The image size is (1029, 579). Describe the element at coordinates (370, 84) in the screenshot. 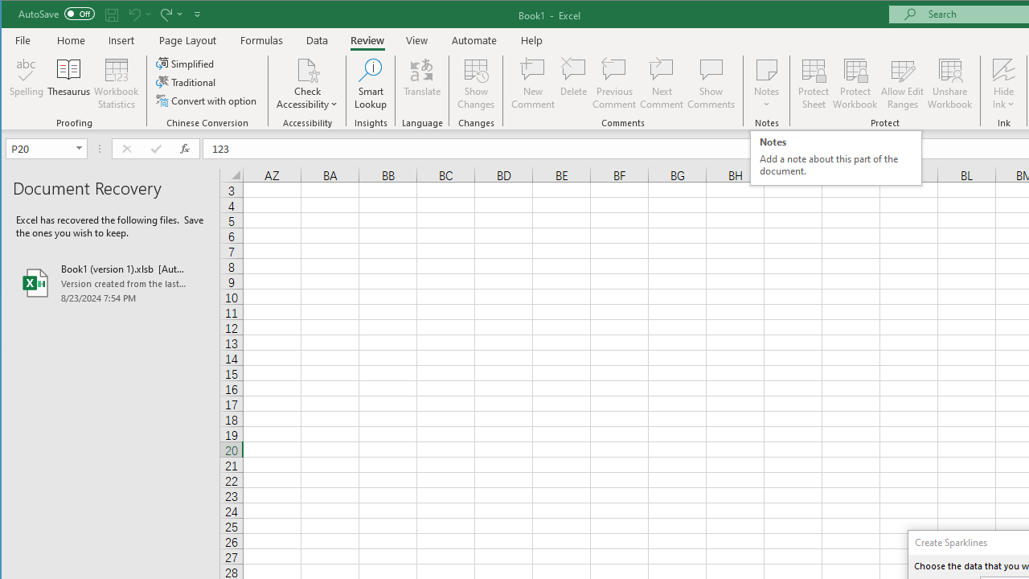

I see `'Smart Lookup'` at that location.